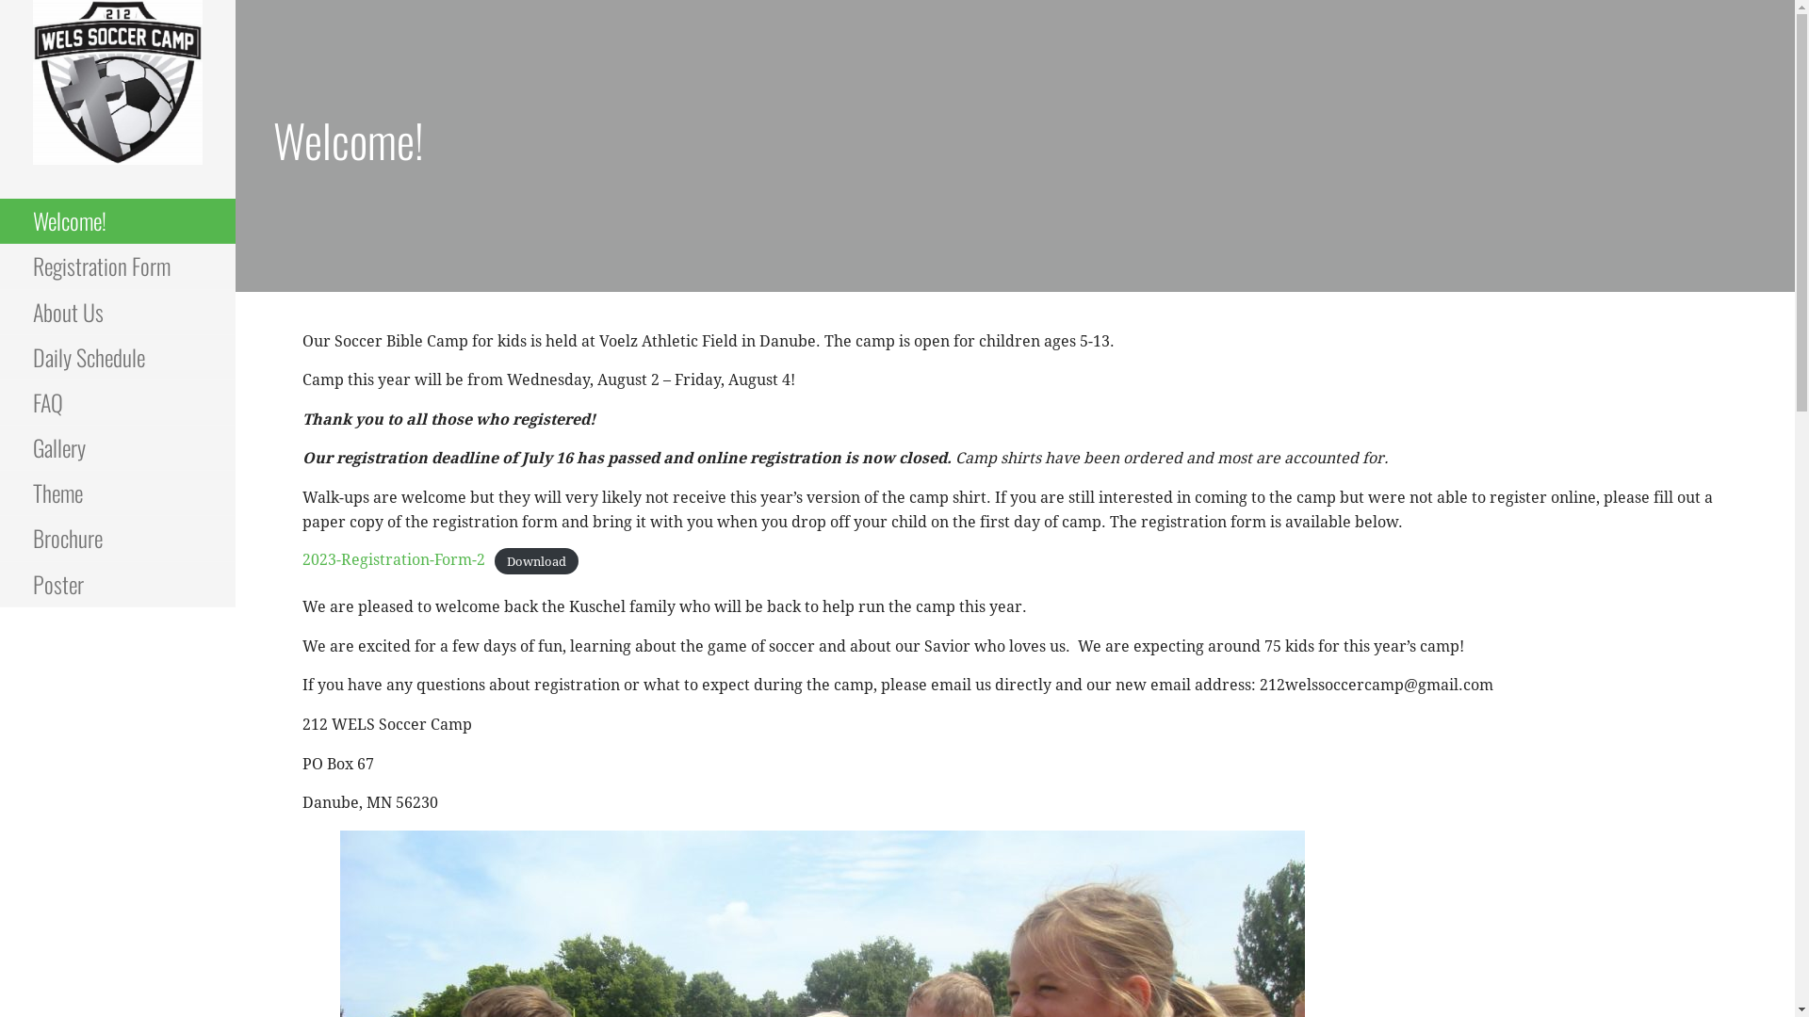 The width and height of the screenshot is (1809, 1017). What do you see at coordinates (116, 358) in the screenshot?
I see `'Daily Schedule'` at bounding box center [116, 358].